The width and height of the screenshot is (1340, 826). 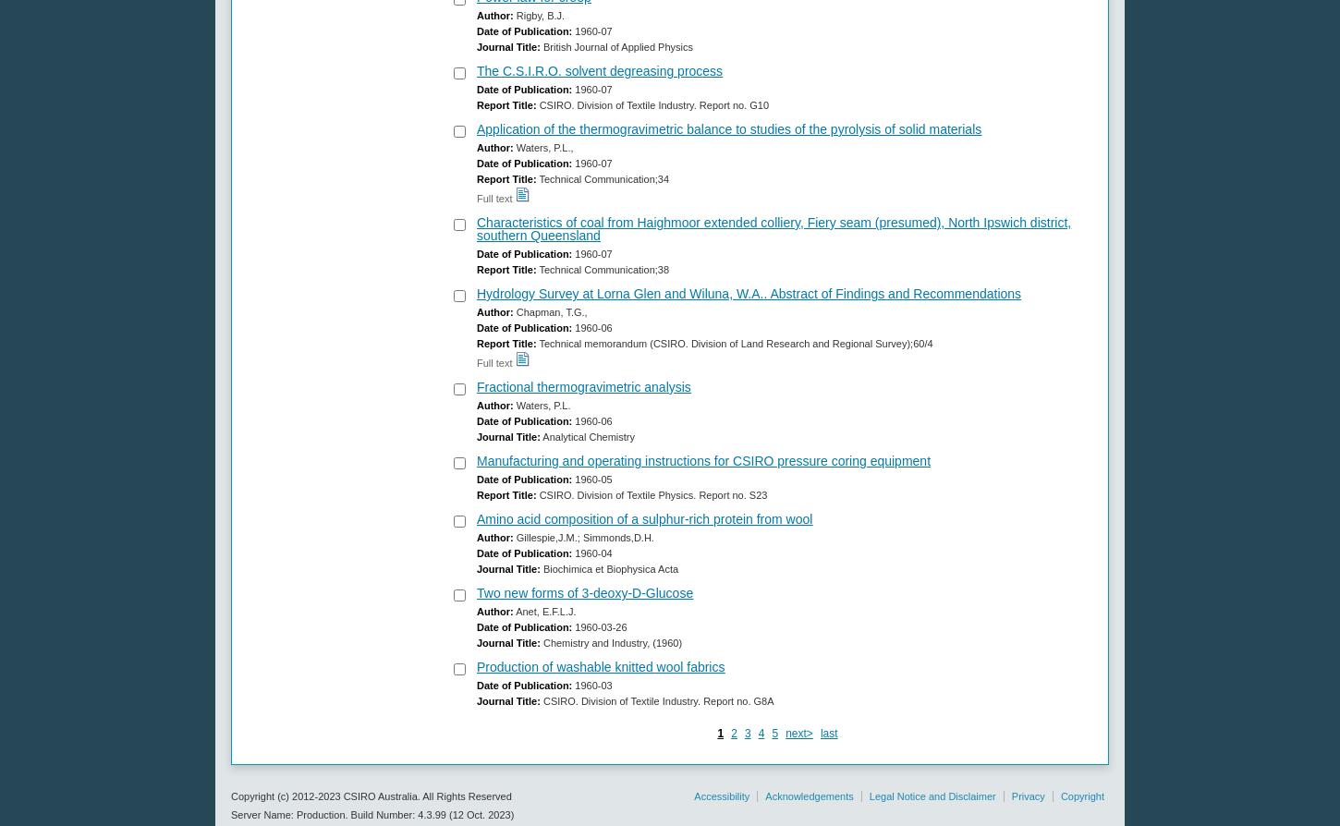 What do you see at coordinates (540, 568) in the screenshot?
I see `'Biochimica et Biophysica Acta'` at bounding box center [540, 568].